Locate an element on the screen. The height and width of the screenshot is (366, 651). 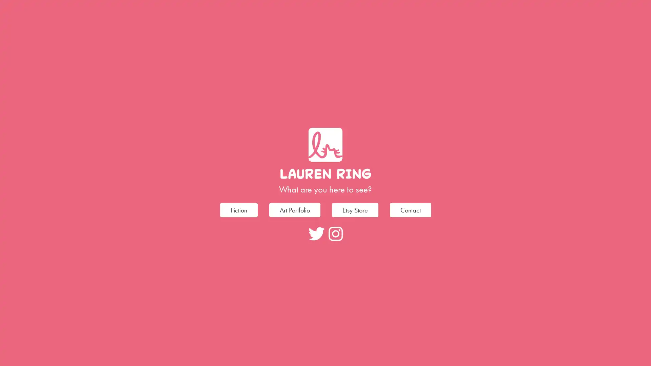
Contact is located at coordinates (410, 209).